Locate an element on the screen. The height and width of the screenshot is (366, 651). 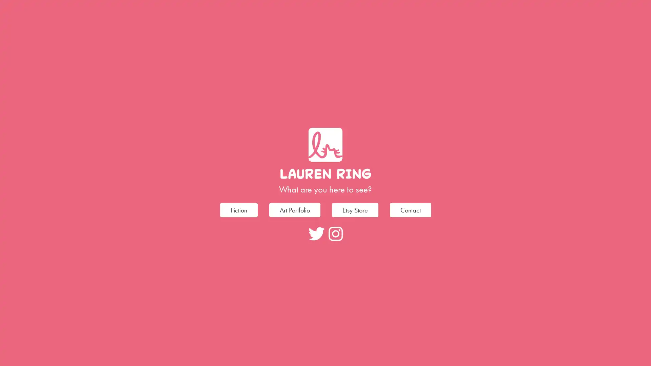
Contact is located at coordinates (410, 209).